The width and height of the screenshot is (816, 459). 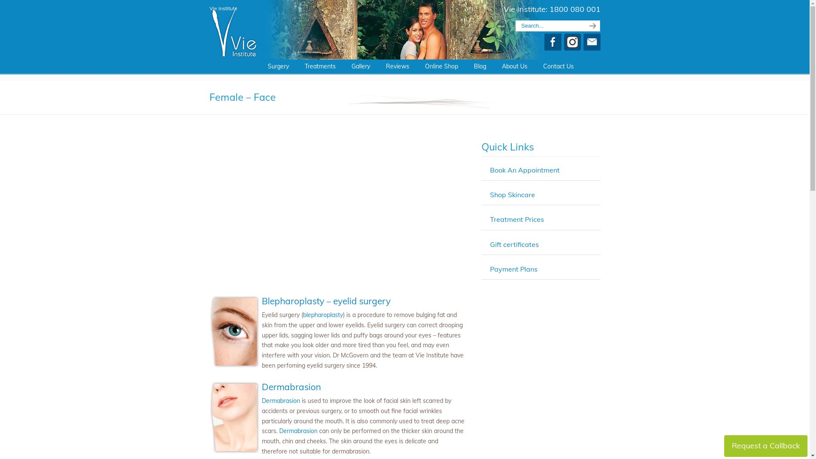 What do you see at coordinates (397, 65) in the screenshot?
I see `'Reviews'` at bounding box center [397, 65].